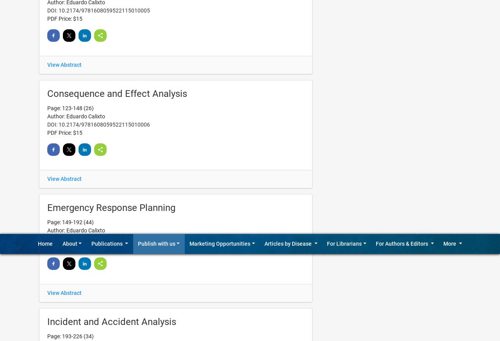  Describe the element at coordinates (426, 20) in the screenshot. I see `'Endorsements'` at that location.